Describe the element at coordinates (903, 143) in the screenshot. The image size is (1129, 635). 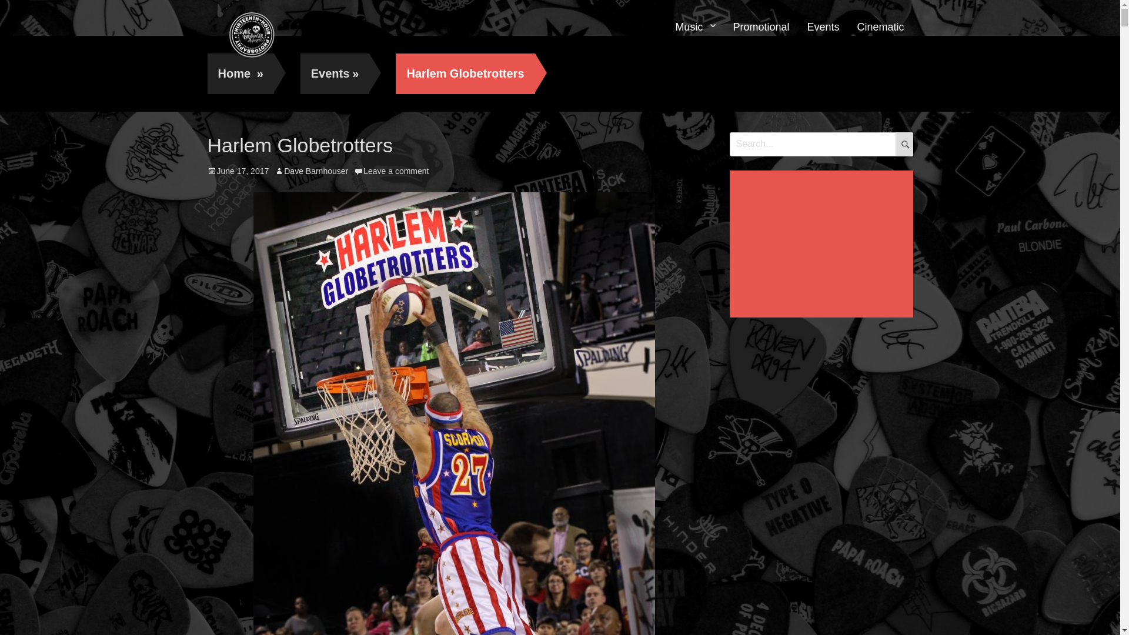
I see `'SEARCH'` at that location.